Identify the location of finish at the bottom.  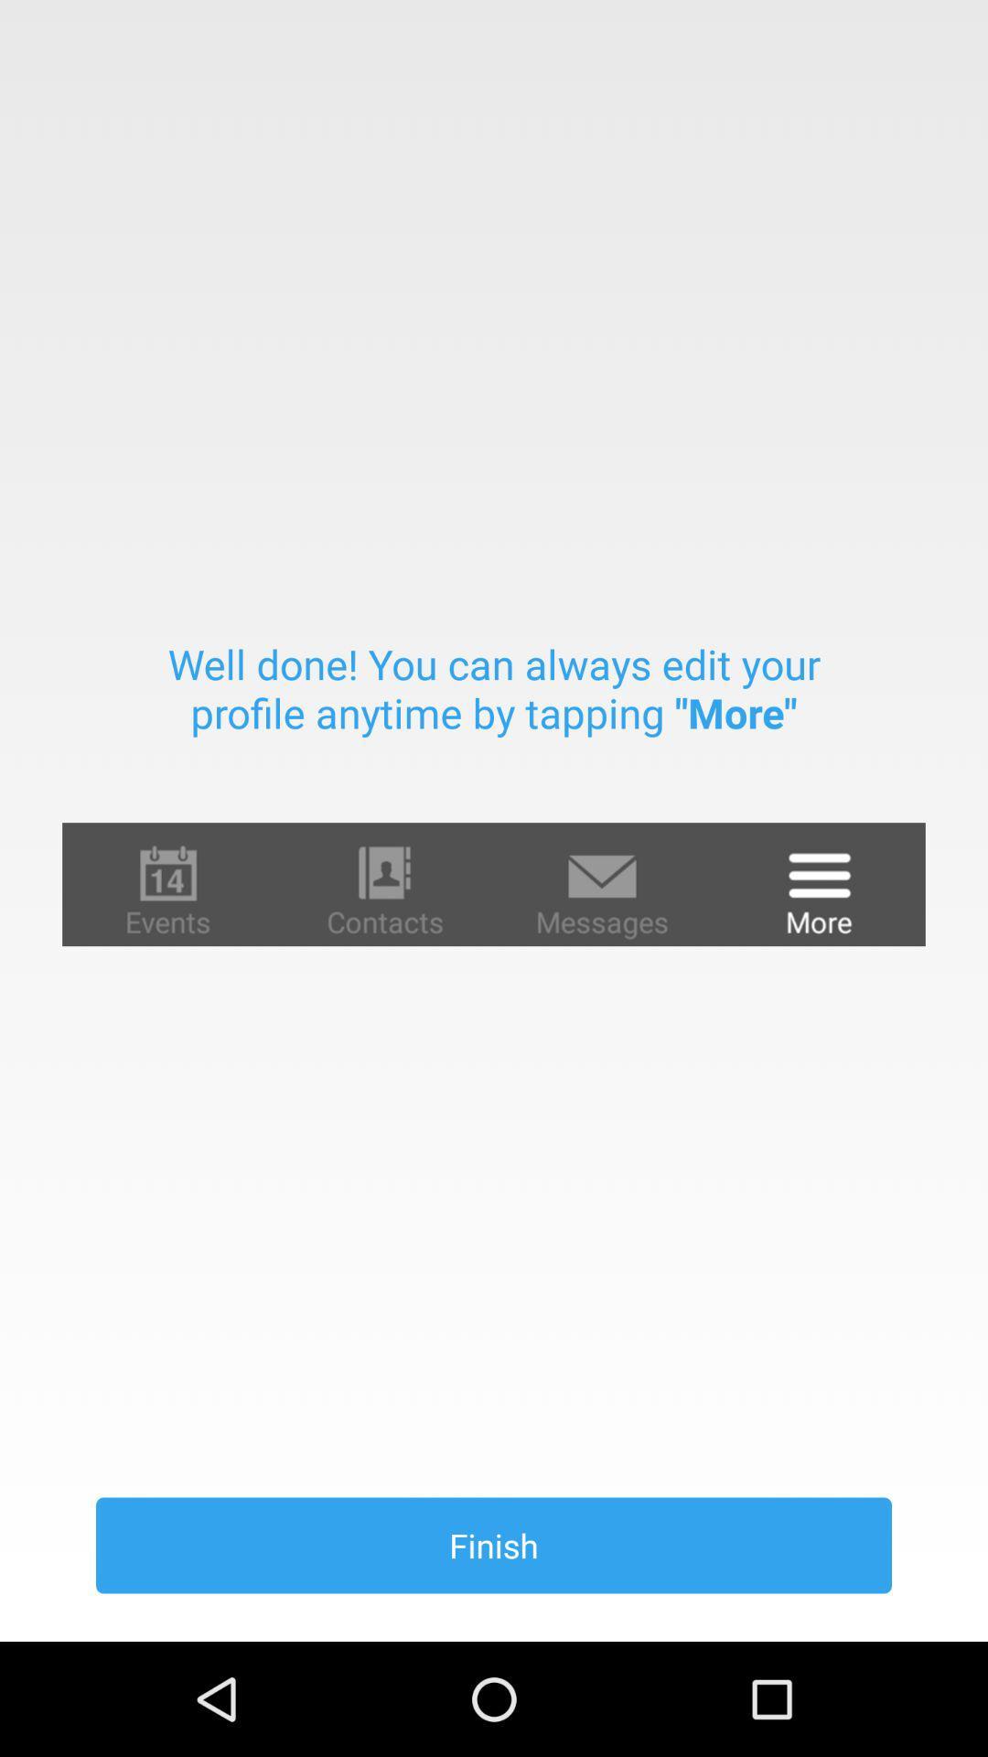
(494, 1545).